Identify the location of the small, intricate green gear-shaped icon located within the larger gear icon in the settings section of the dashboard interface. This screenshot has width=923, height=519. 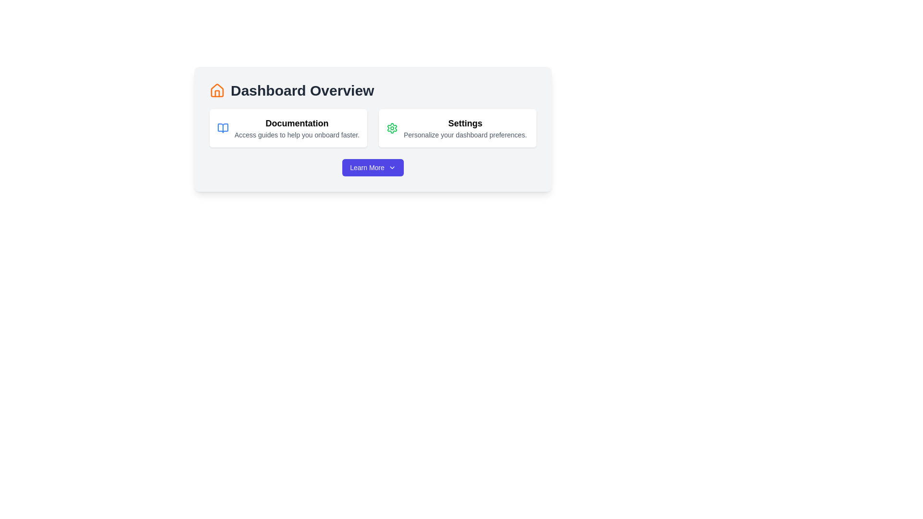
(392, 127).